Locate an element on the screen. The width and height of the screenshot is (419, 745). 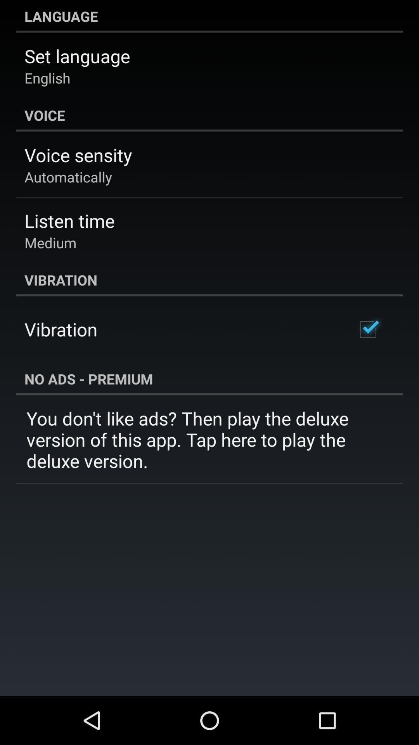
the item on the right is located at coordinates (367, 329).